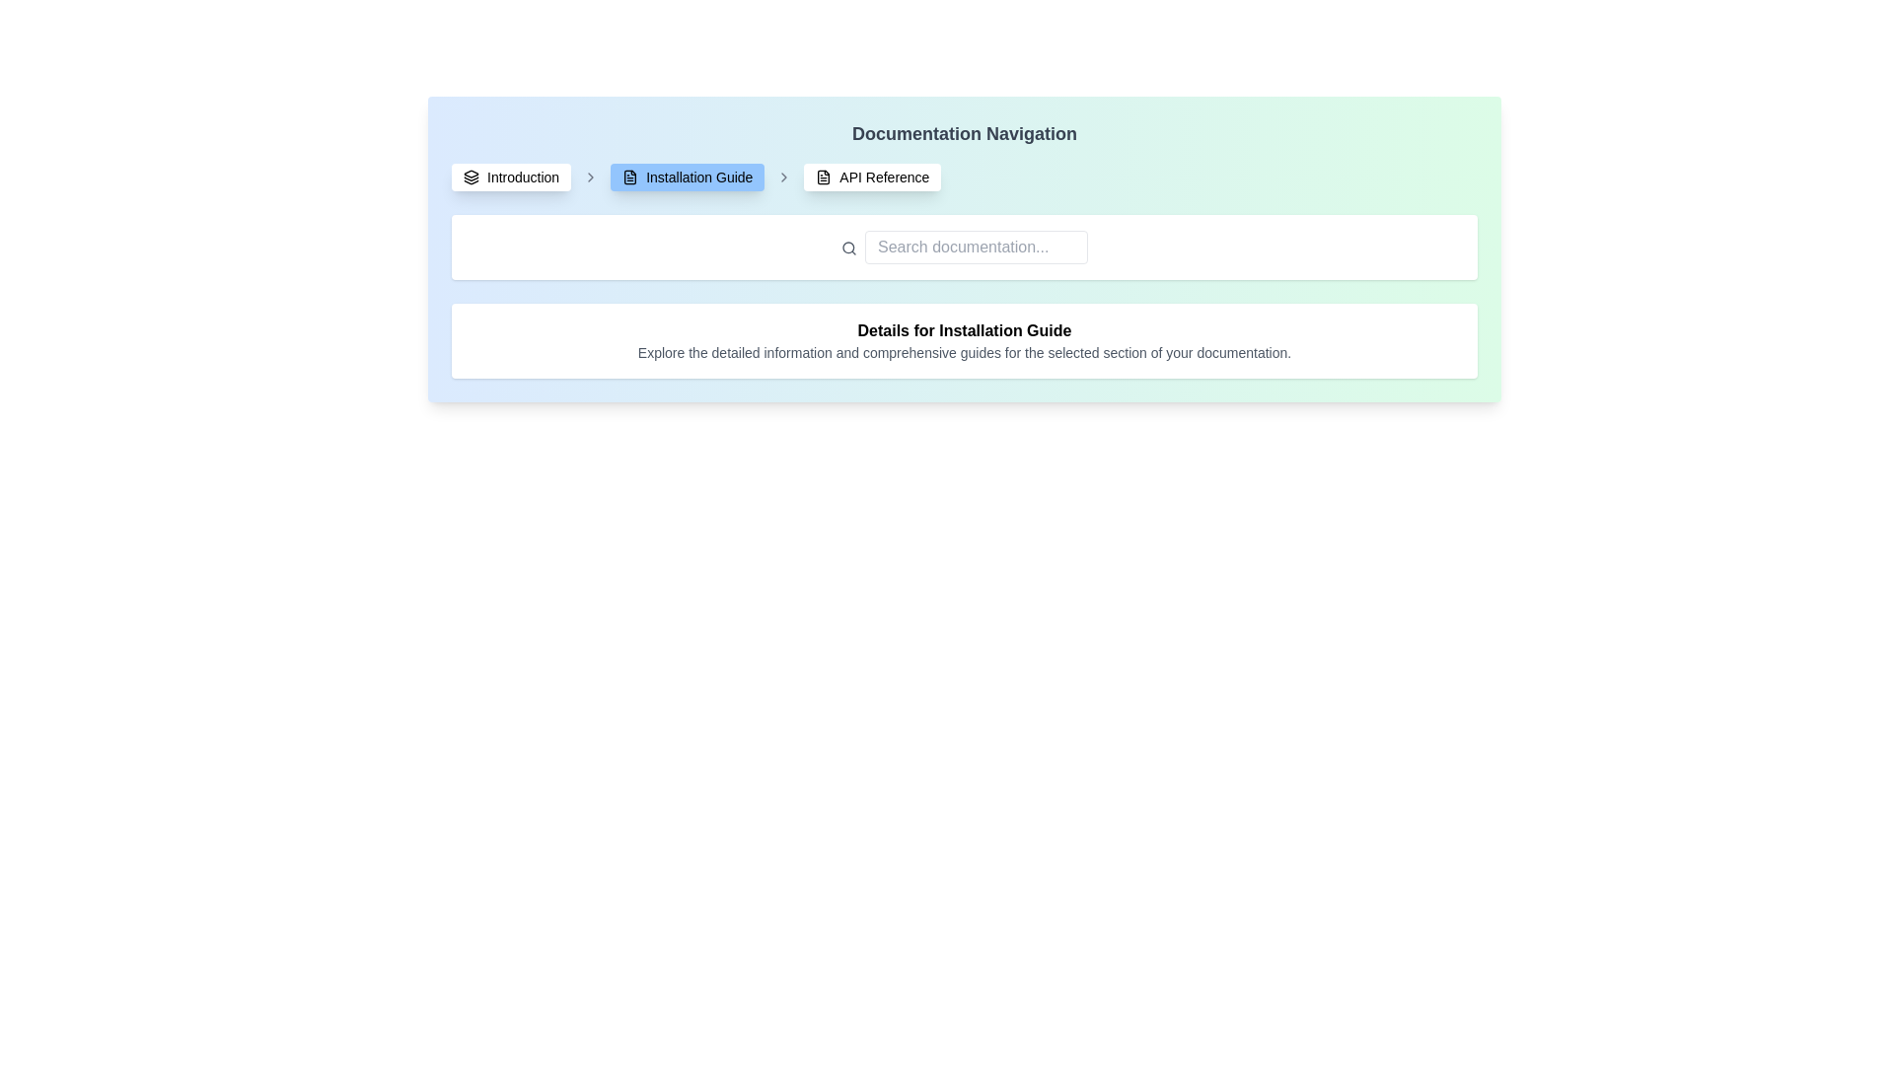 This screenshot has height=1065, width=1894. What do you see at coordinates (965, 133) in the screenshot?
I see `the textual header 'Documentation Navigation' which is styled with a bold gray font and located at the top of the gradient content box` at bounding box center [965, 133].